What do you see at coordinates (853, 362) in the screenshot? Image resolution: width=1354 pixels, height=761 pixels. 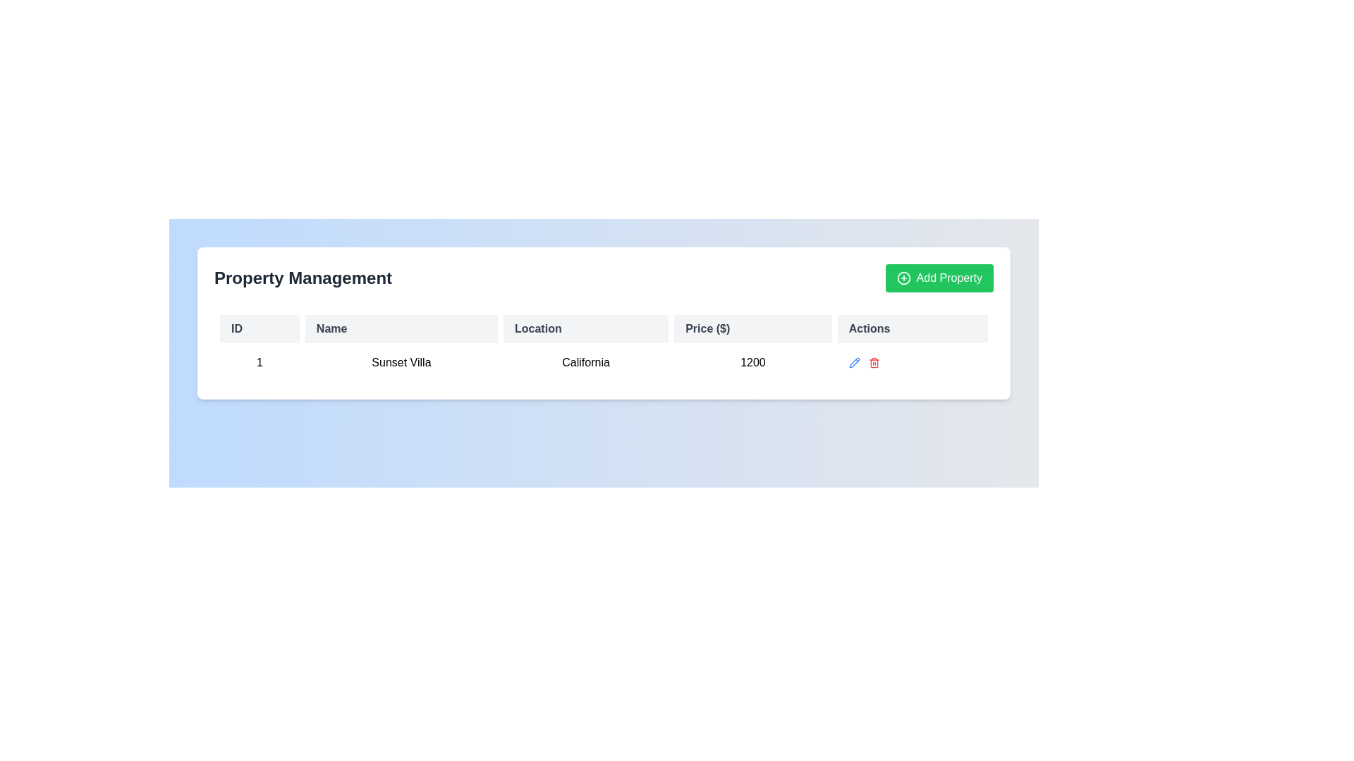 I see `the pencil icon located in the 'Actions' column of the data table for the 'Sunset Villa' property to initiate the edit action` at bounding box center [853, 362].